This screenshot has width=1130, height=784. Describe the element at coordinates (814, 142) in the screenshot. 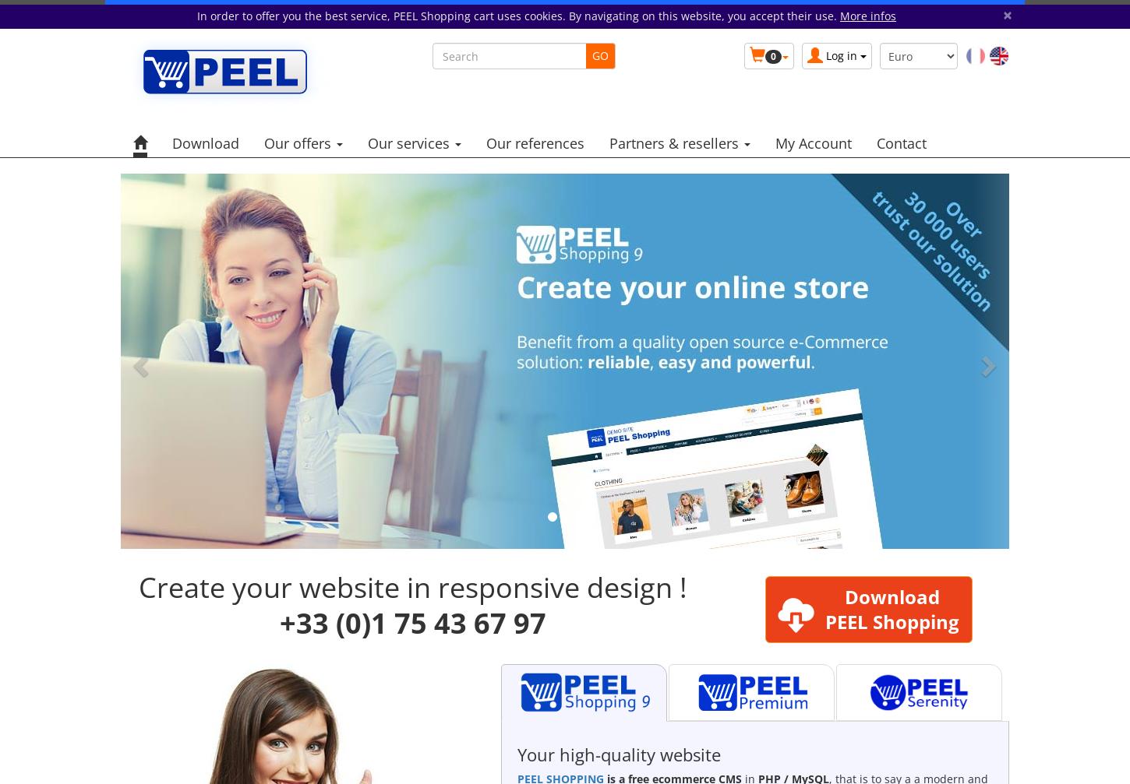

I see `'My Account'` at that location.